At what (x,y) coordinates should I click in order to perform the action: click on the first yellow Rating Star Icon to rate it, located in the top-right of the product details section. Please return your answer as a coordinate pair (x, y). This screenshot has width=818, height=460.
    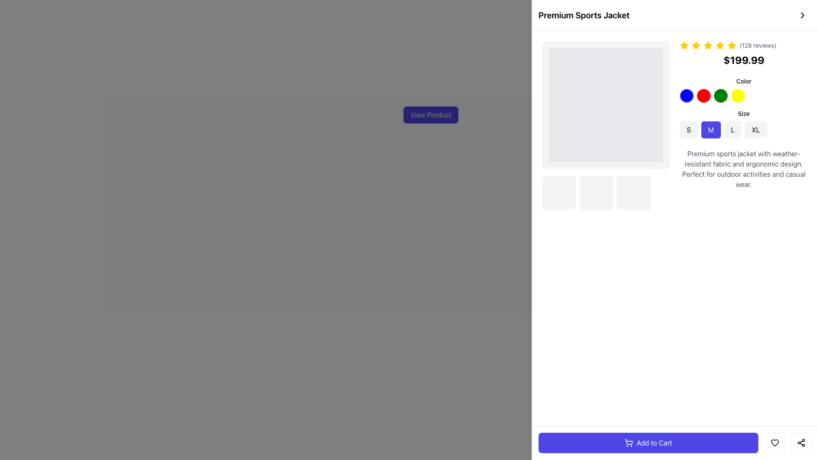
    Looking at the image, I should click on (684, 46).